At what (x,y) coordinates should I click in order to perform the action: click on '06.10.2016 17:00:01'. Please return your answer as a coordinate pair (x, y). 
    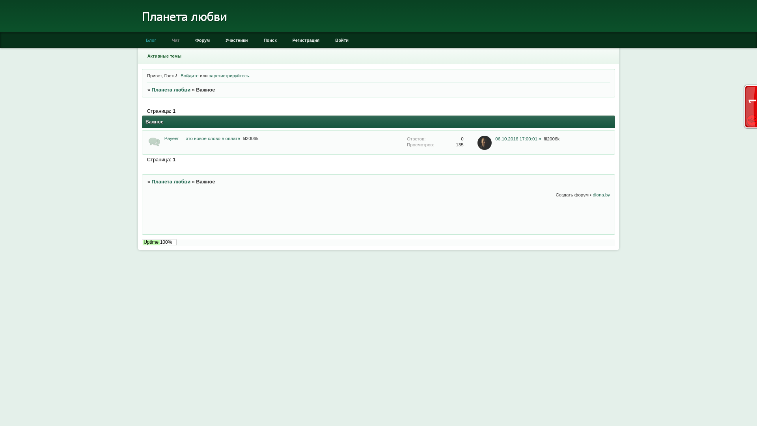
    Looking at the image, I should click on (518, 138).